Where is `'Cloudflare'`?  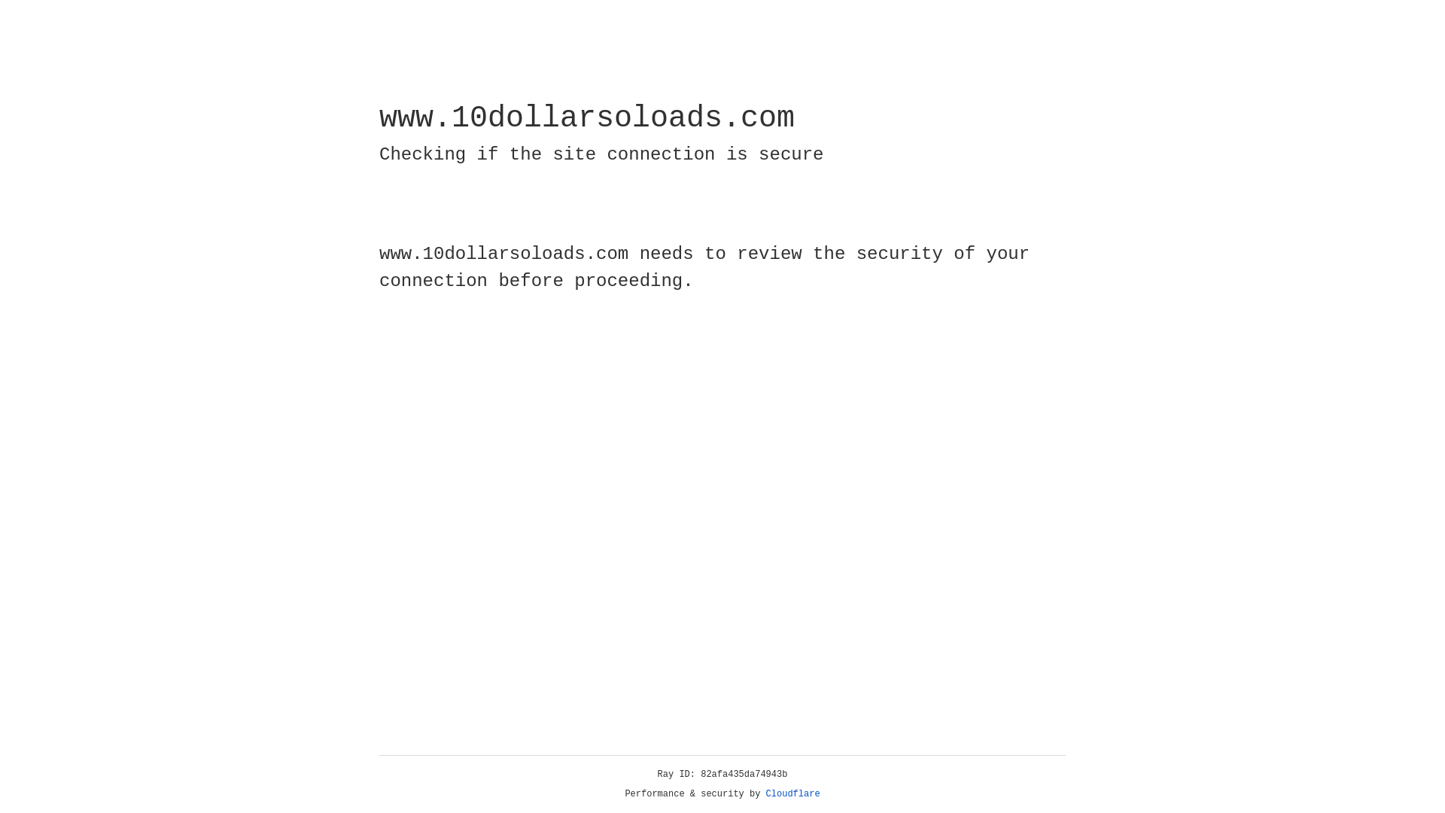 'Cloudflare' is located at coordinates (792, 793).